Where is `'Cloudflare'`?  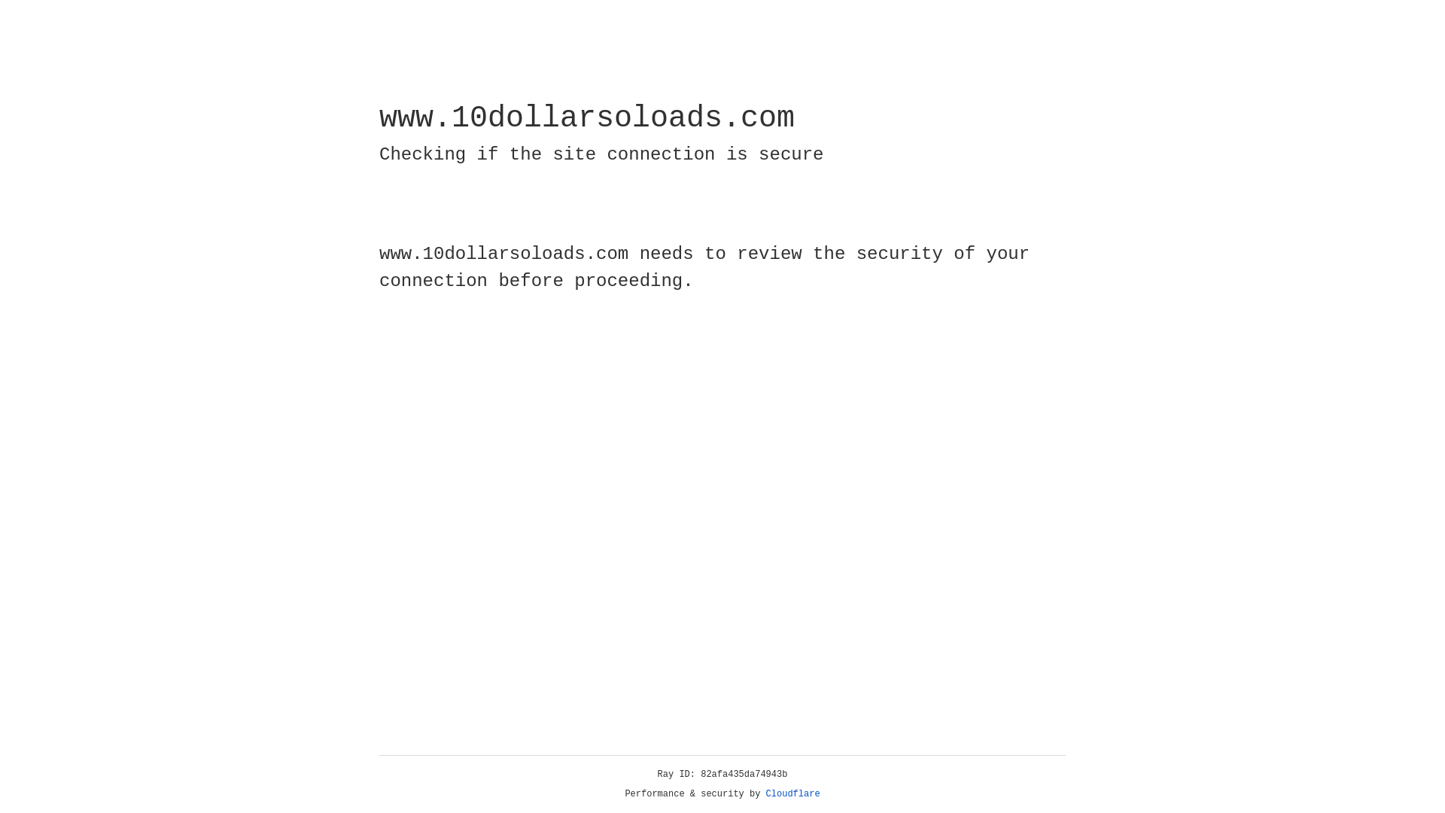 'Cloudflare' is located at coordinates (792, 793).